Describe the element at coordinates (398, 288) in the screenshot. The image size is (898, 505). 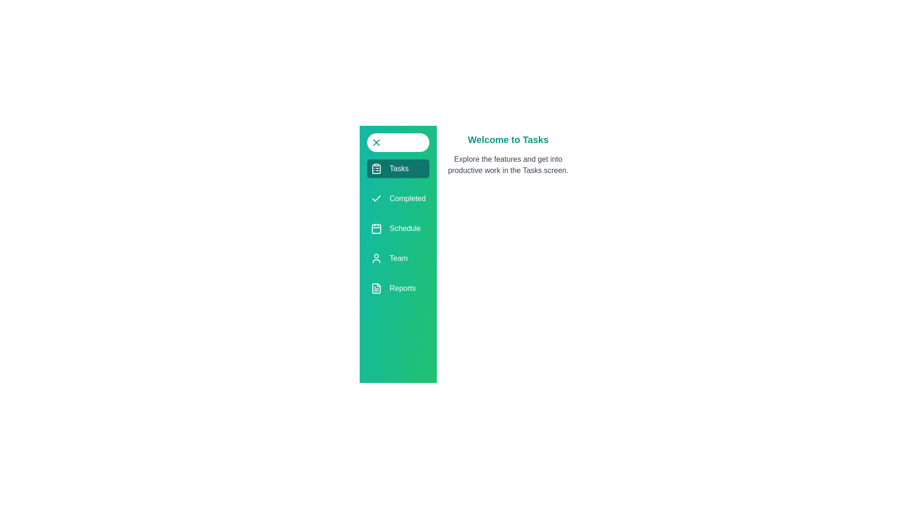
I see `the menu item Reports from the available options` at that location.